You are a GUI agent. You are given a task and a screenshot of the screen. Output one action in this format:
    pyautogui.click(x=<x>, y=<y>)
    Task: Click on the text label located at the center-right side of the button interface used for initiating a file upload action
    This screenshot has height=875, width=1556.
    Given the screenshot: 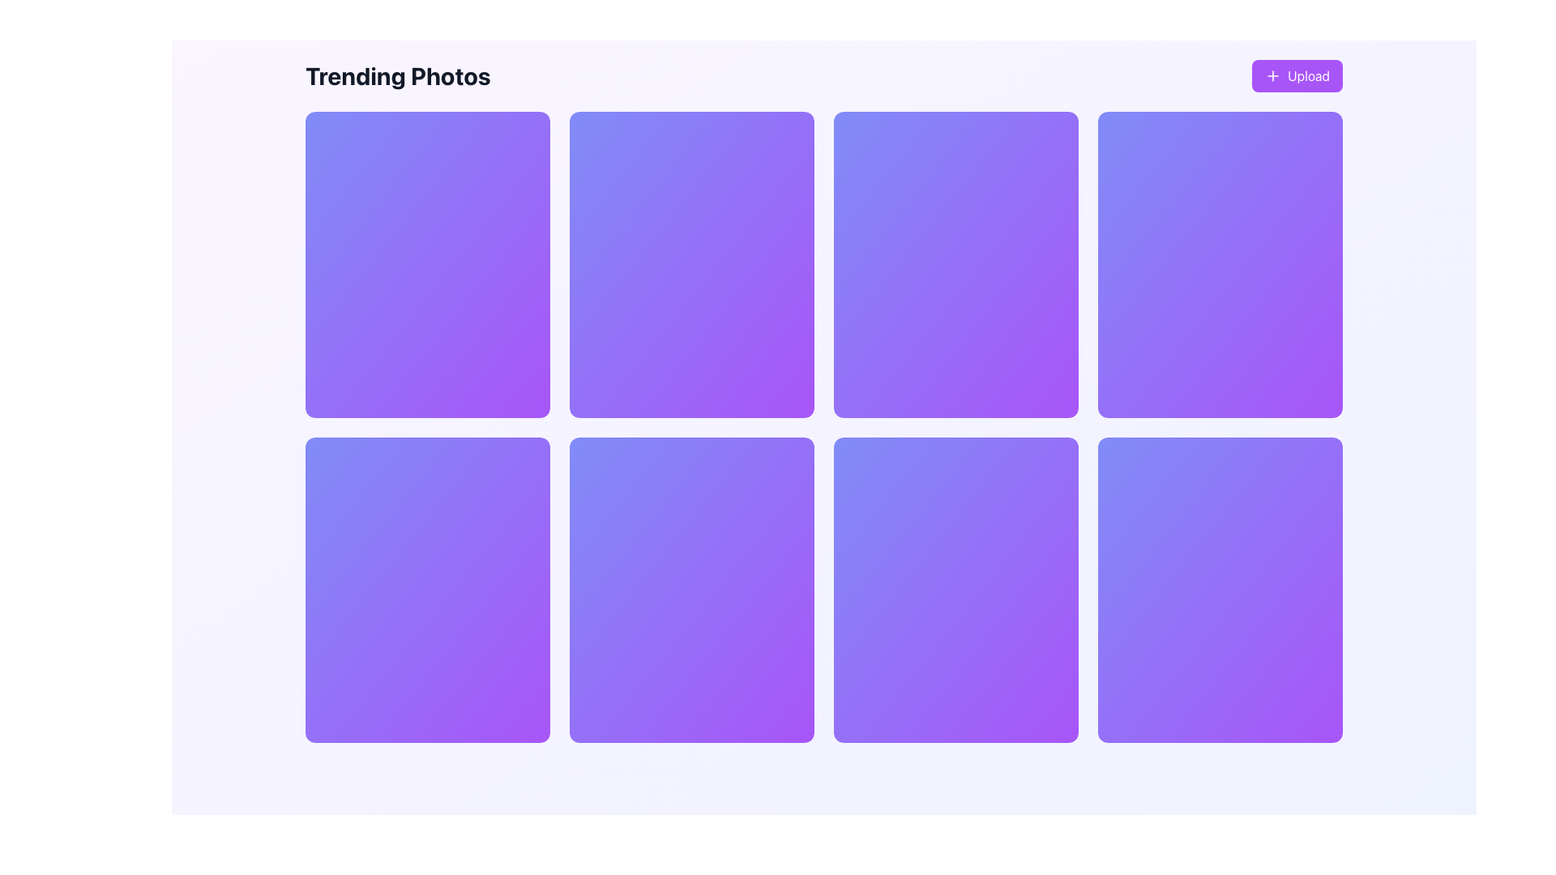 What is the action you would take?
    pyautogui.click(x=1309, y=75)
    